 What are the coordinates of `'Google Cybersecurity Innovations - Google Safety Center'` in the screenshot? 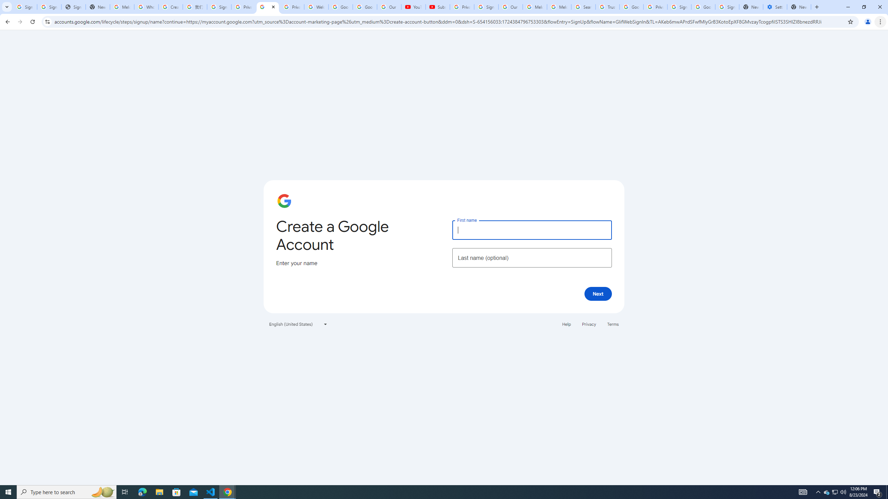 It's located at (703, 7).